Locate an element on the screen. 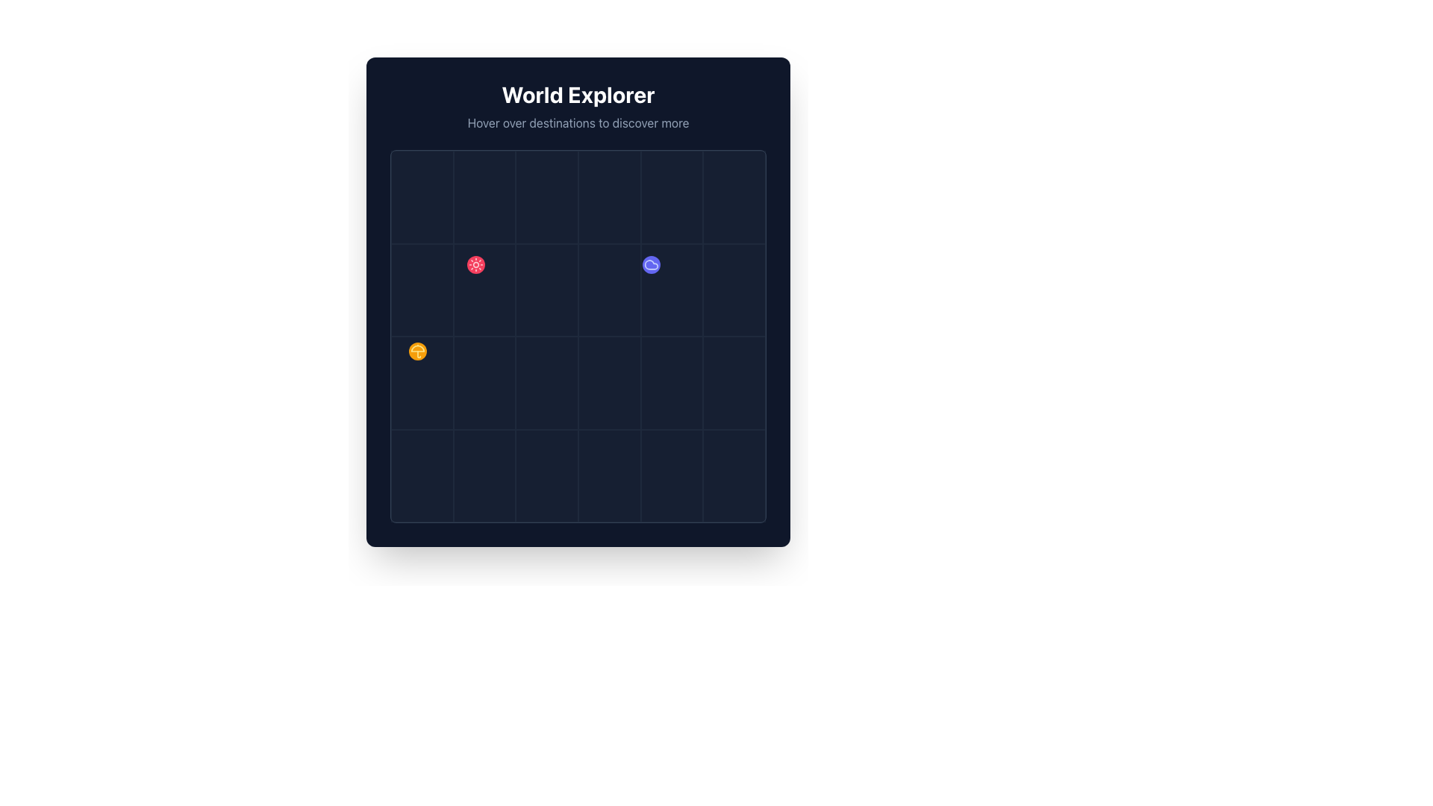 This screenshot has width=1433, height=806. the grid cell located in the third row and fifth column to interact with it is located at coordinates (671, 382).